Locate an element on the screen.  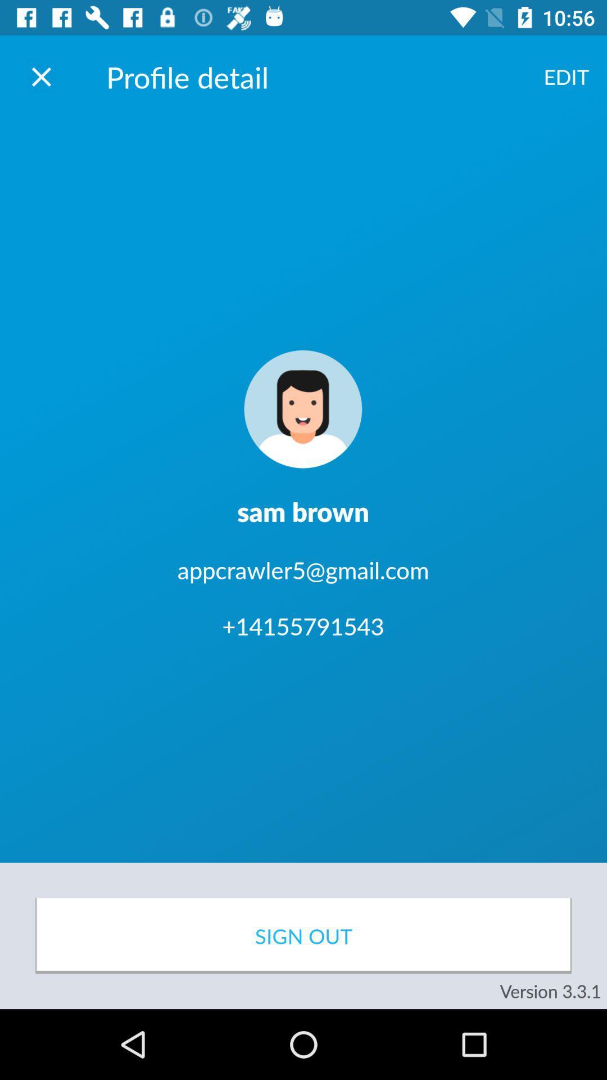
the item next to the profile detail icon is located at coordinates (566, 76).